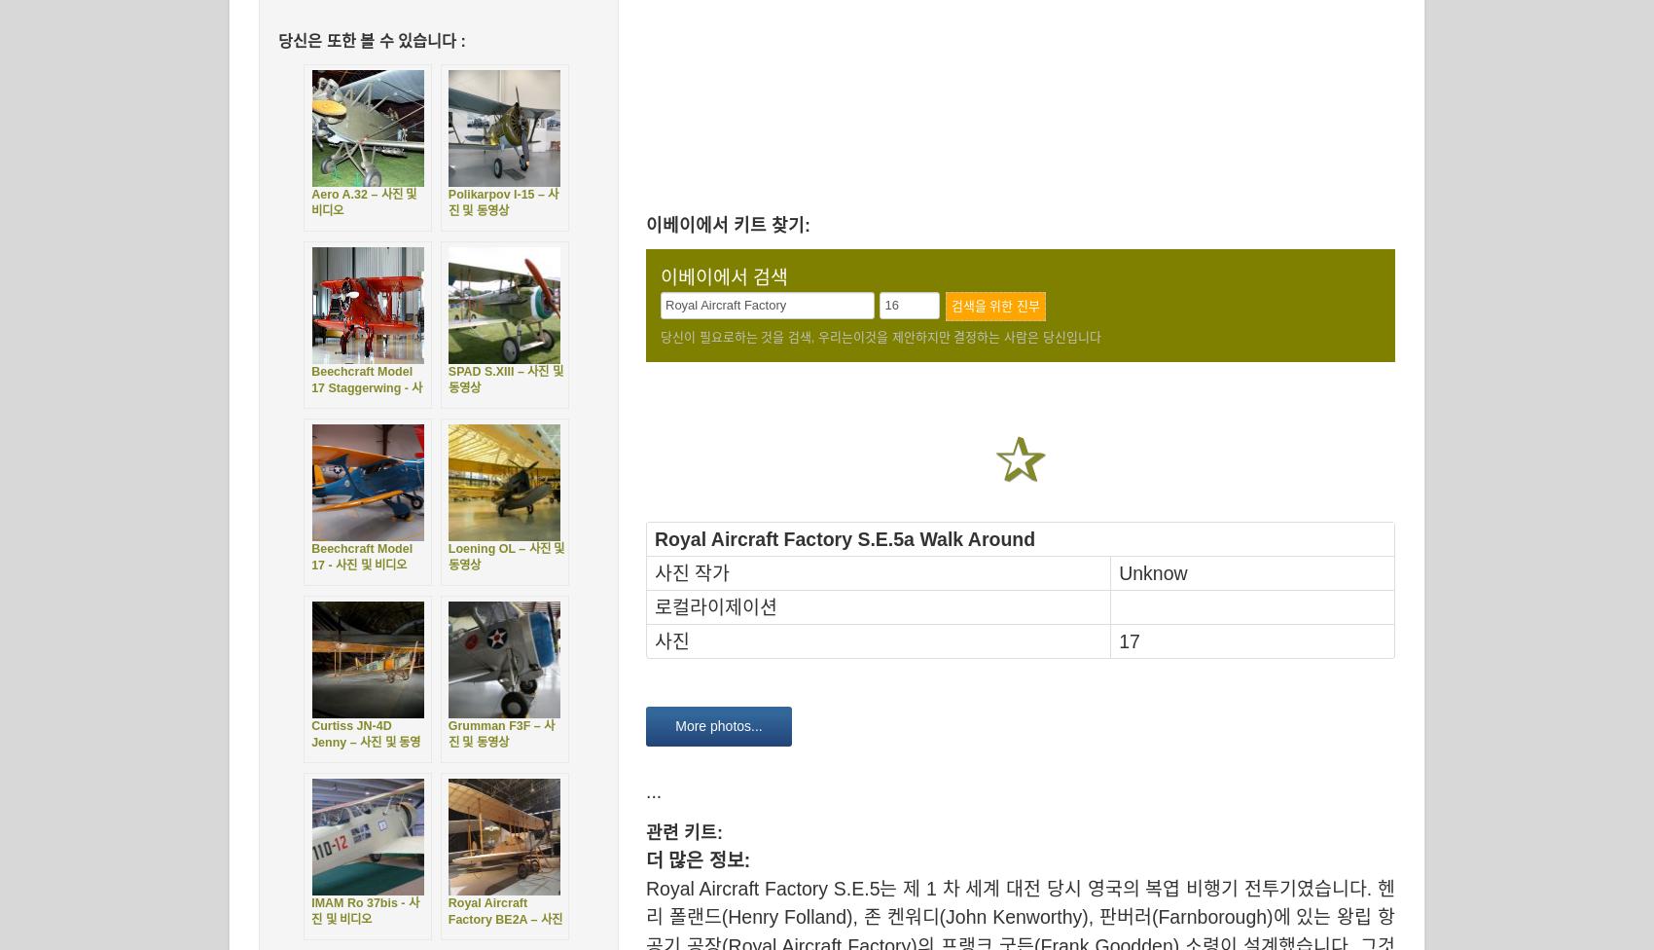 The height and width of the screenshot is (950, 1654). What do you see at coordinates (371, 40) in the screenshot?
I see `'당신은 또한 볼 수 있습니다 :'` at bounding box center [371, 40].